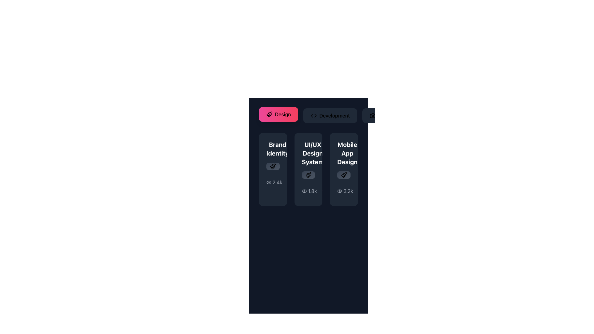 The height and width of the screenshot is (334, 594). Describe the element at coordinates (273, 149) in the screenshot. I see `the header and rating text block for the 'Brand Identity' project category` at that location.